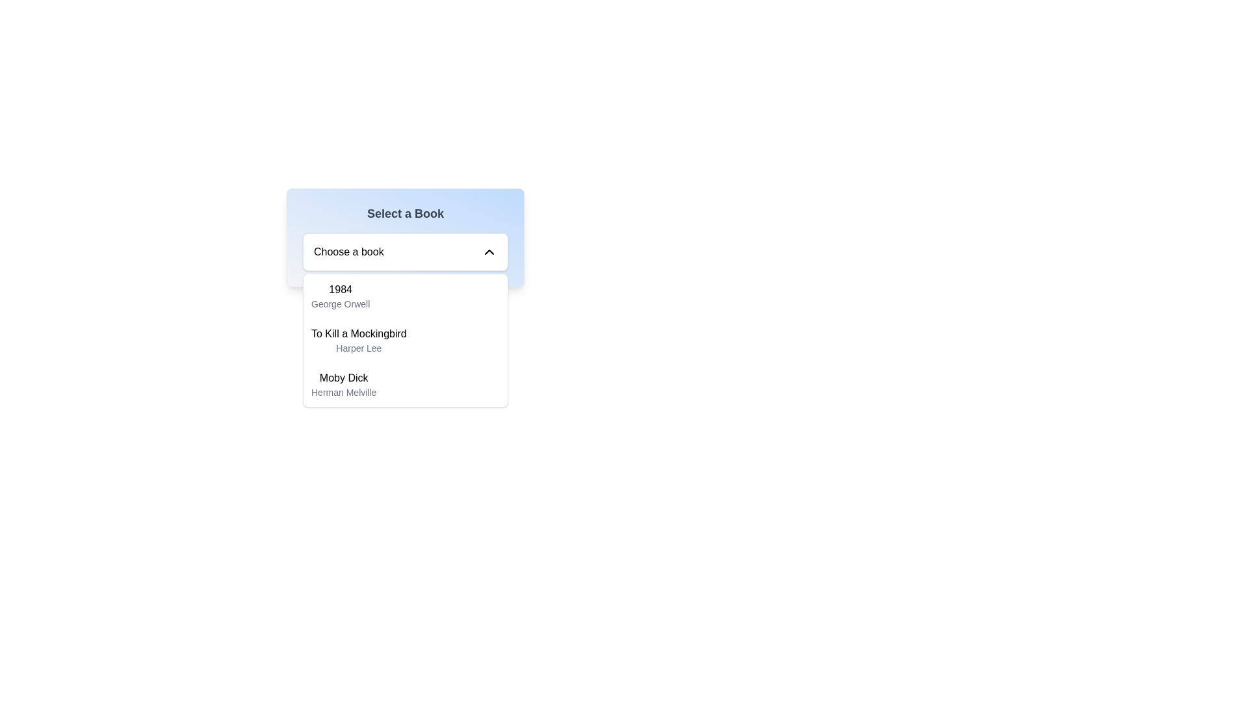  I want to click on the dropdown menu option 'To Kill a Mockingbird' by 'Harper Lee', so click(405, 340).